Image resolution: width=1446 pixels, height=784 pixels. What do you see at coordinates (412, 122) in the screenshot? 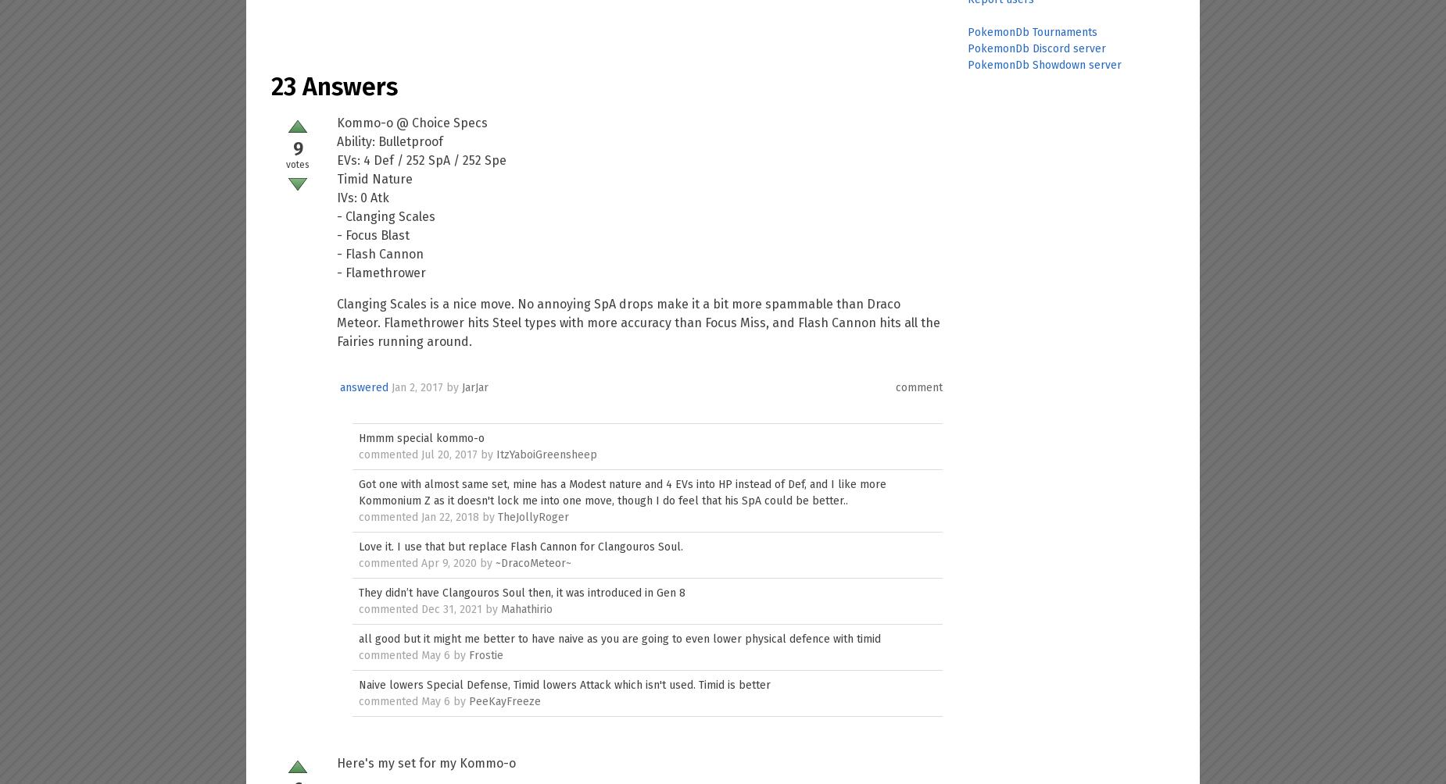
I see `'Kommo-o @ Choice Specs'` at bounding box center [412, 122].